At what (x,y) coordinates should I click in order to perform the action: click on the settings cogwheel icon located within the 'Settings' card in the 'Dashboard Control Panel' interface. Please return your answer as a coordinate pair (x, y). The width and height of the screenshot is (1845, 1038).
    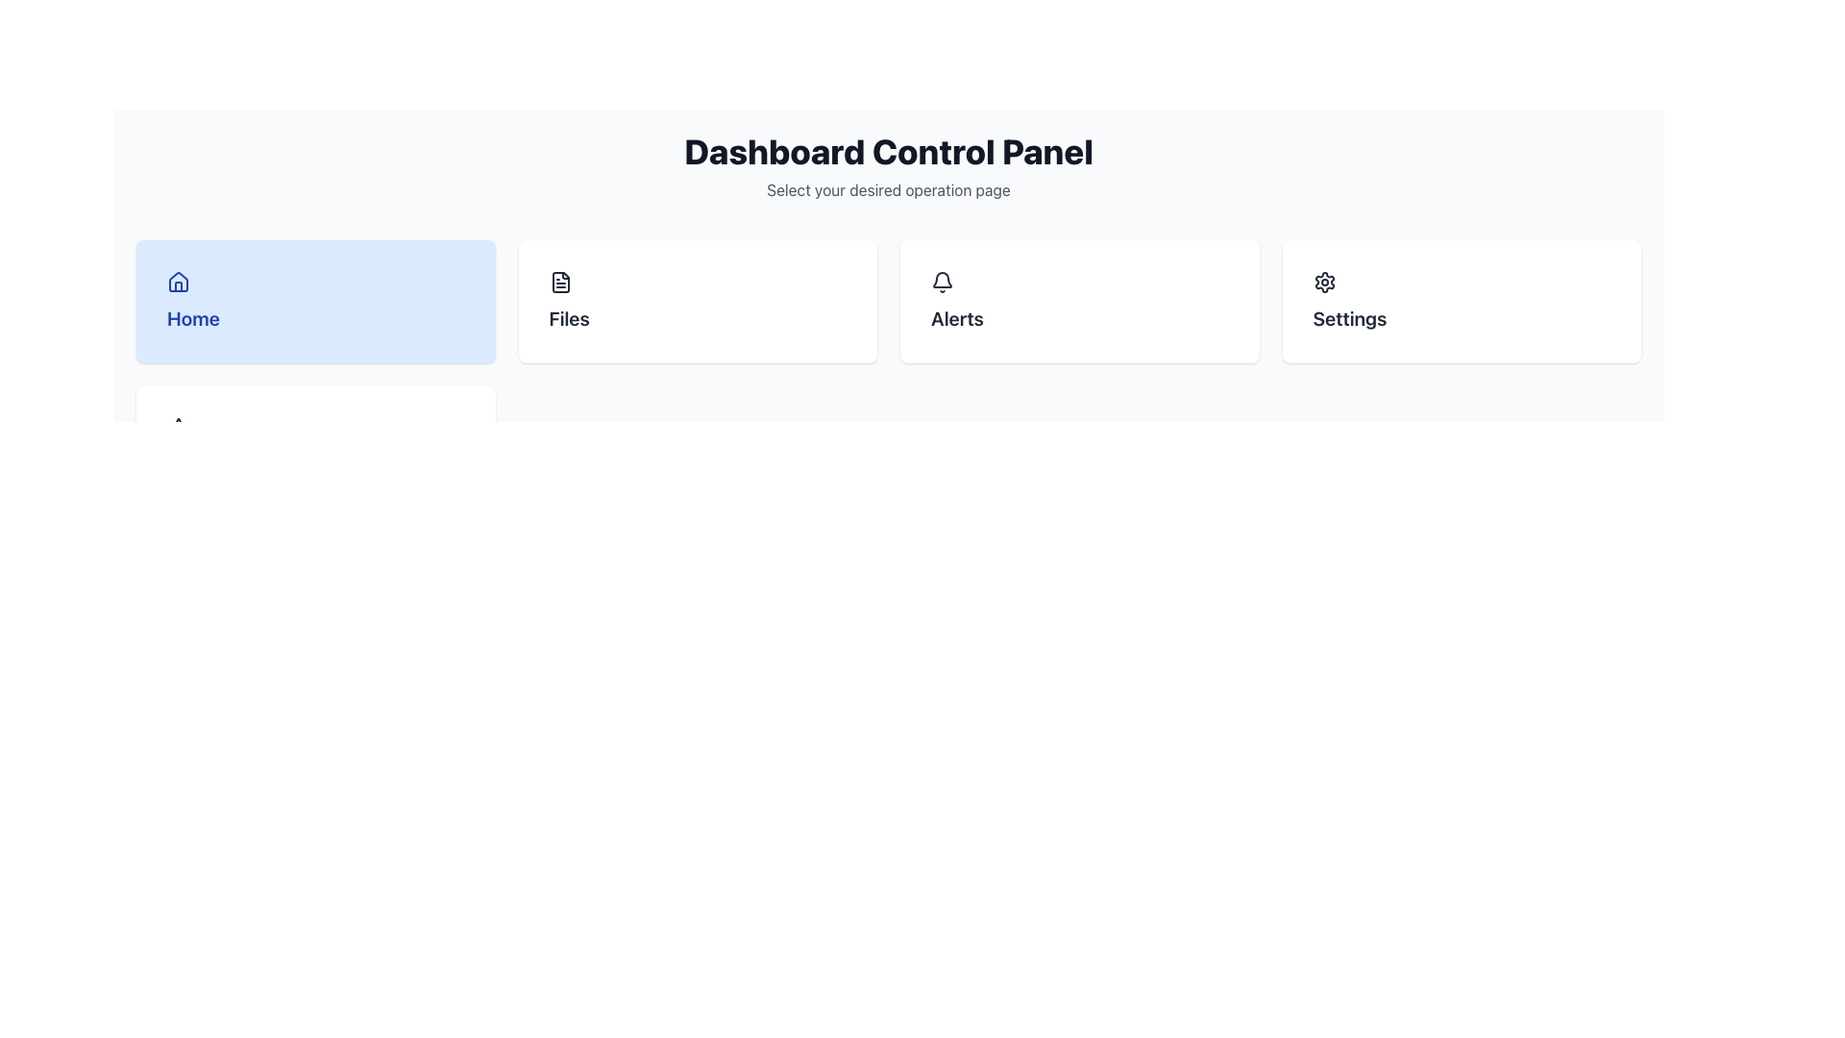
    Looking at the image, I should click on (1323, 282).